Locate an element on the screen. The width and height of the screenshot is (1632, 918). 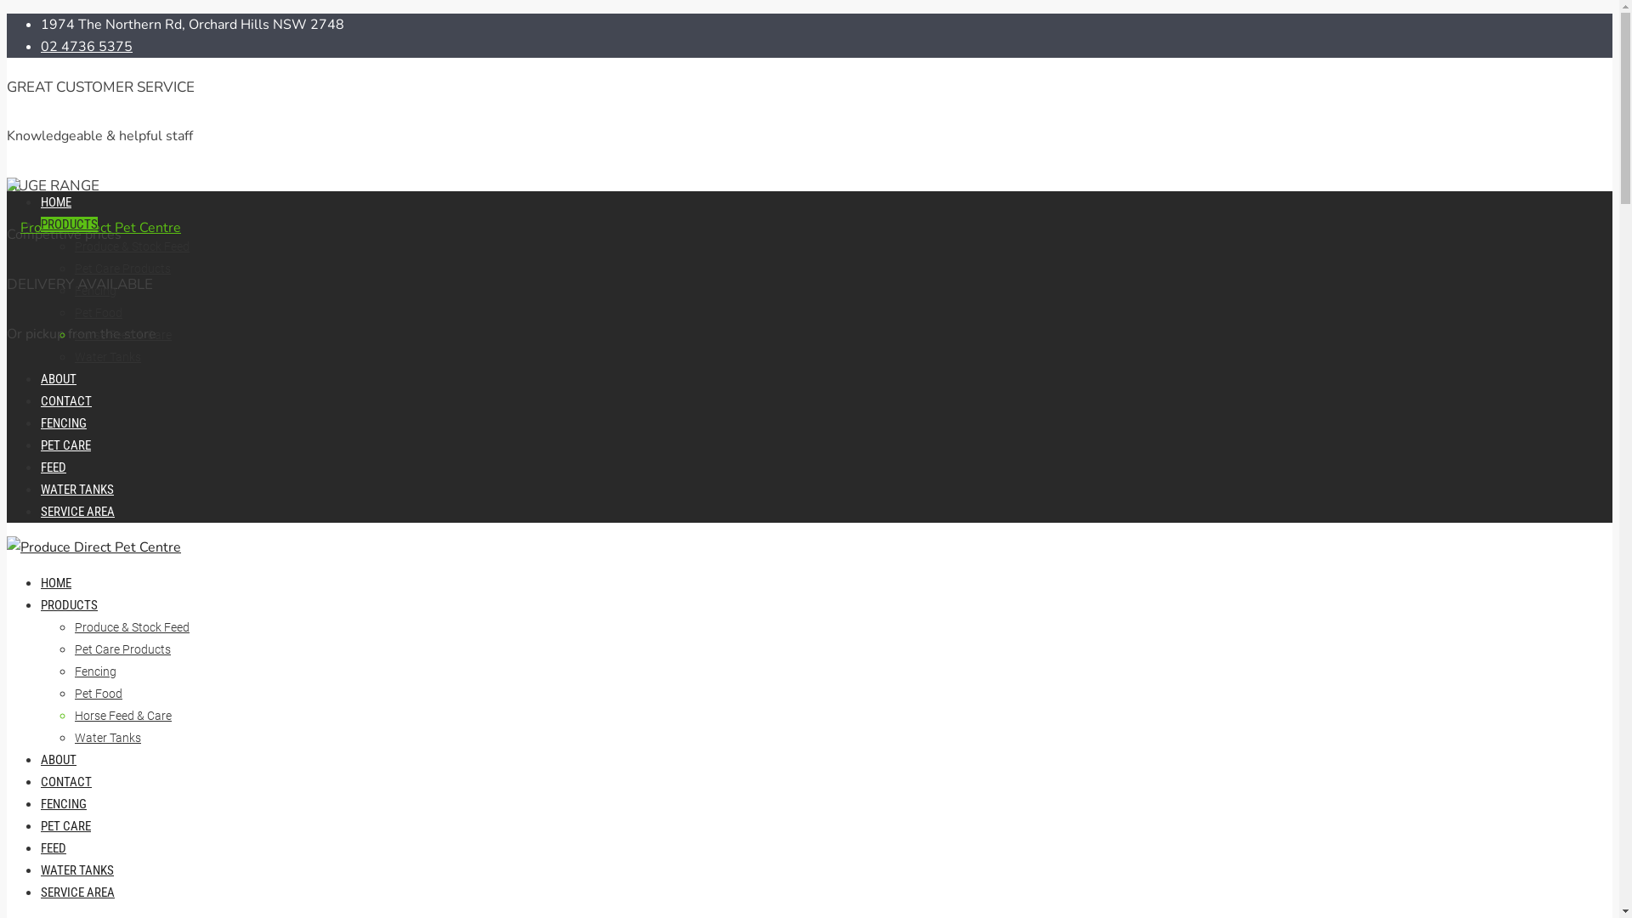
'CONTACT' is located at coordinates (65, 400).